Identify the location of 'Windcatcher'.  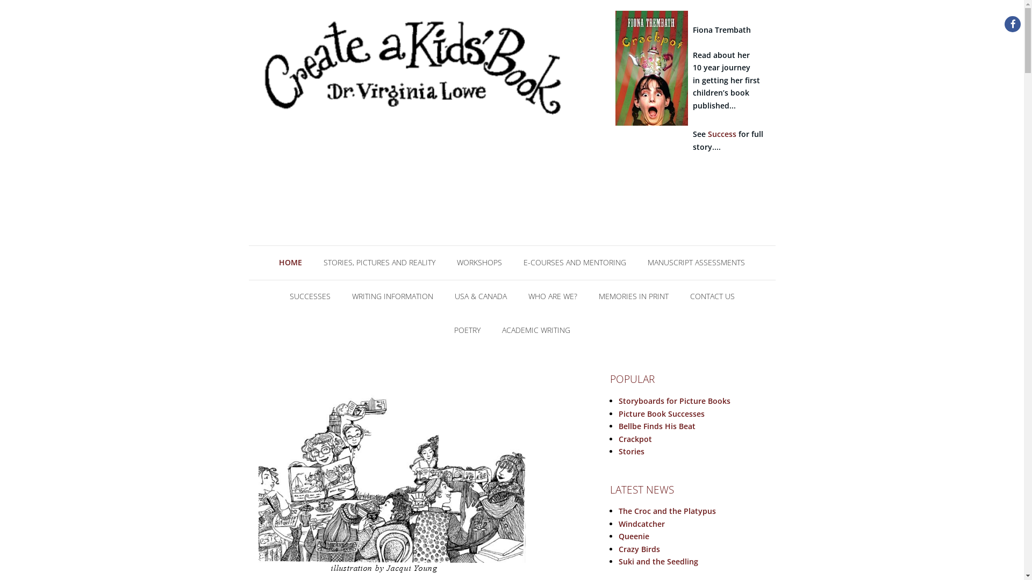
(619, 523).